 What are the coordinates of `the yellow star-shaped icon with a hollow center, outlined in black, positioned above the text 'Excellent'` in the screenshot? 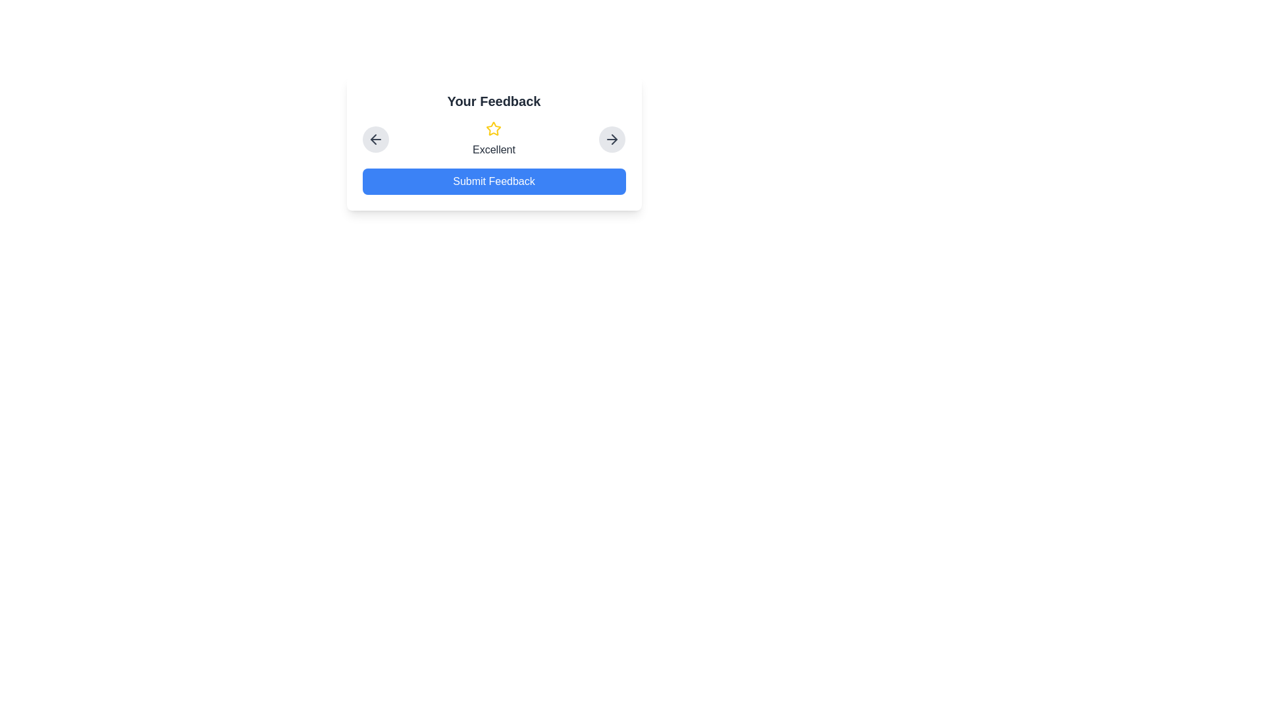 It's located at (493, 129).